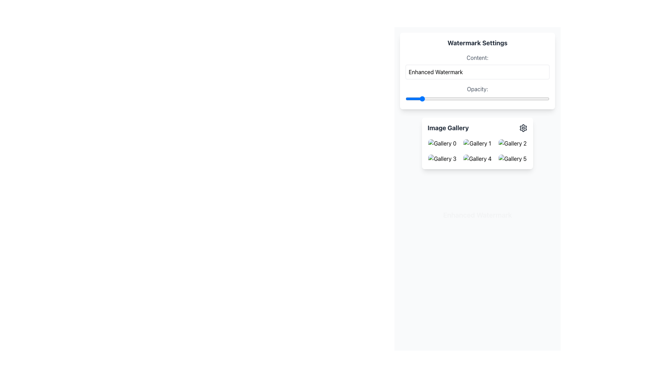 The image size is (669, 376). I want to click on the image representing 'Gallery 3', so click(442, 158).